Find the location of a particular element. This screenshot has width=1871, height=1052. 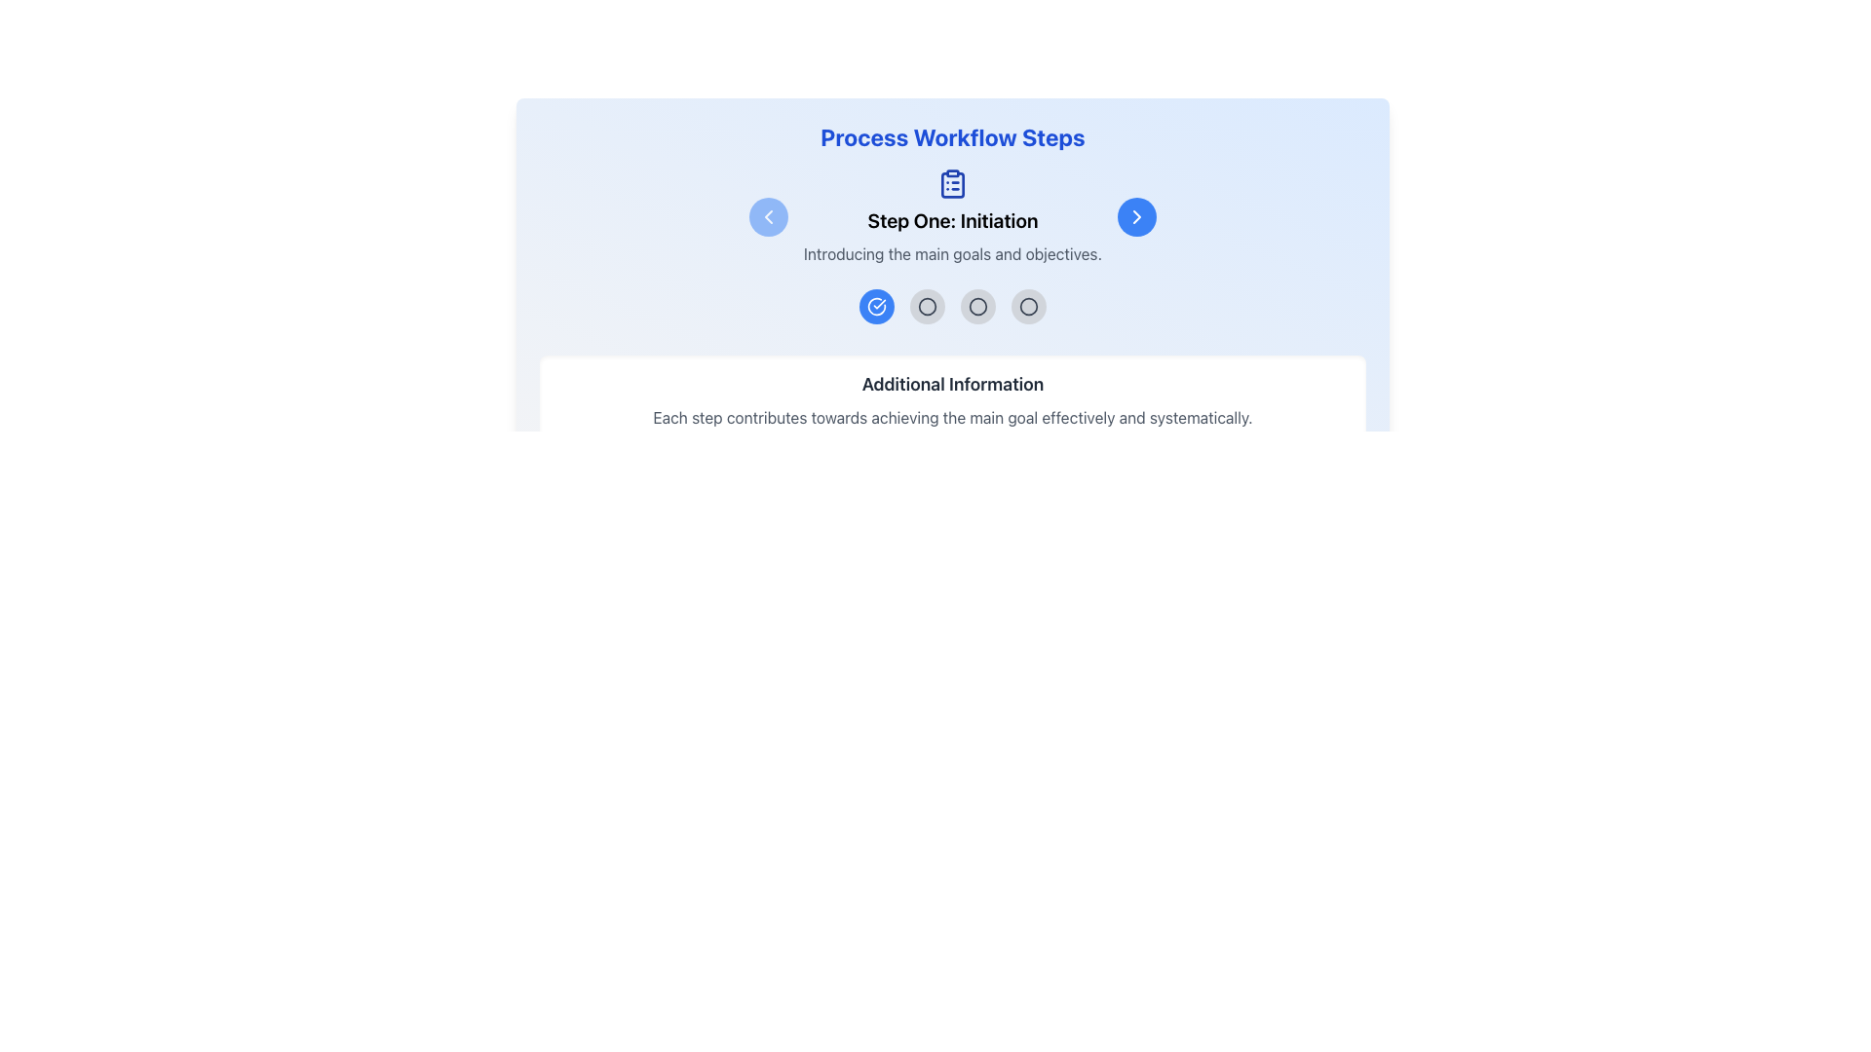

the vibrant blue circular button with a white checkmark icon, which is the first button under the heading 'Step One: Initiation', to observe the scaling effect is located at coordinates (876, 307).